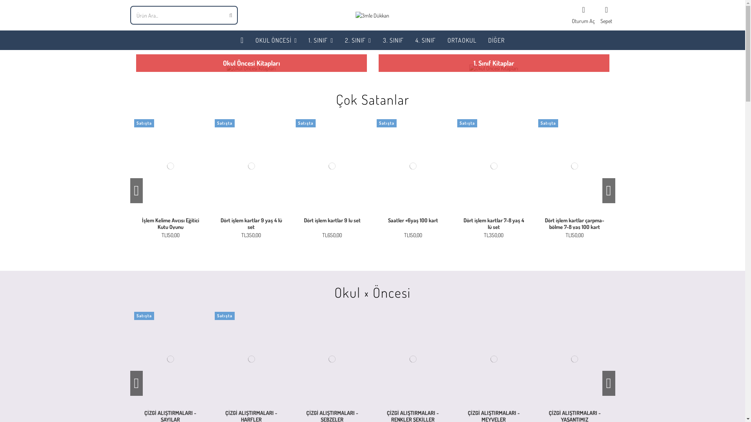  Describe the element at coordinates (170, 234) in the screenshot. I see `'TL150,00'` at that location.